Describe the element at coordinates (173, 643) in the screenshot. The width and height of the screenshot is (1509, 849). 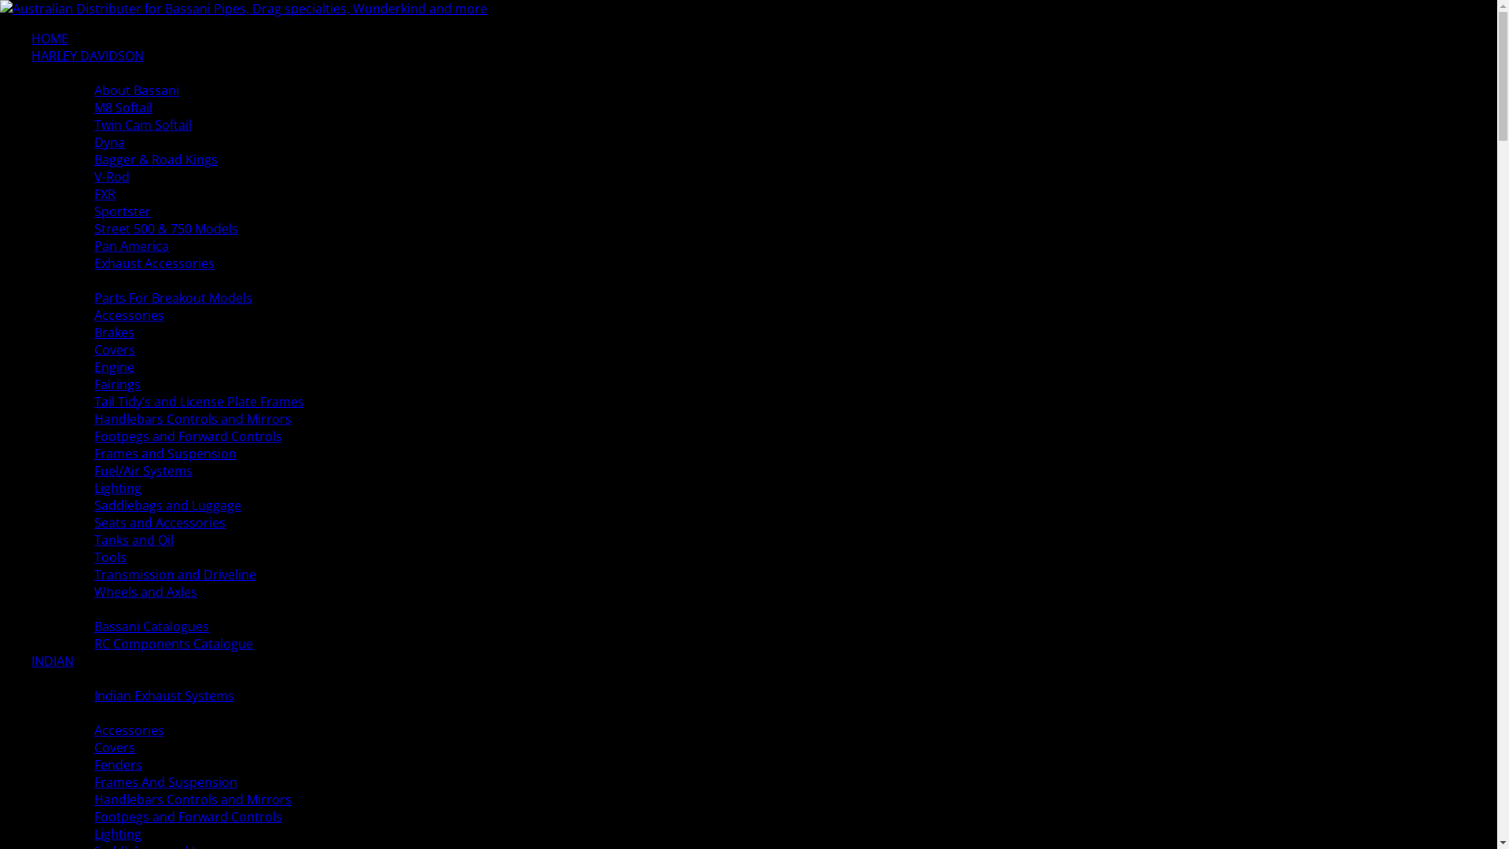
I see `'RC Components Catalogue'` at that location.